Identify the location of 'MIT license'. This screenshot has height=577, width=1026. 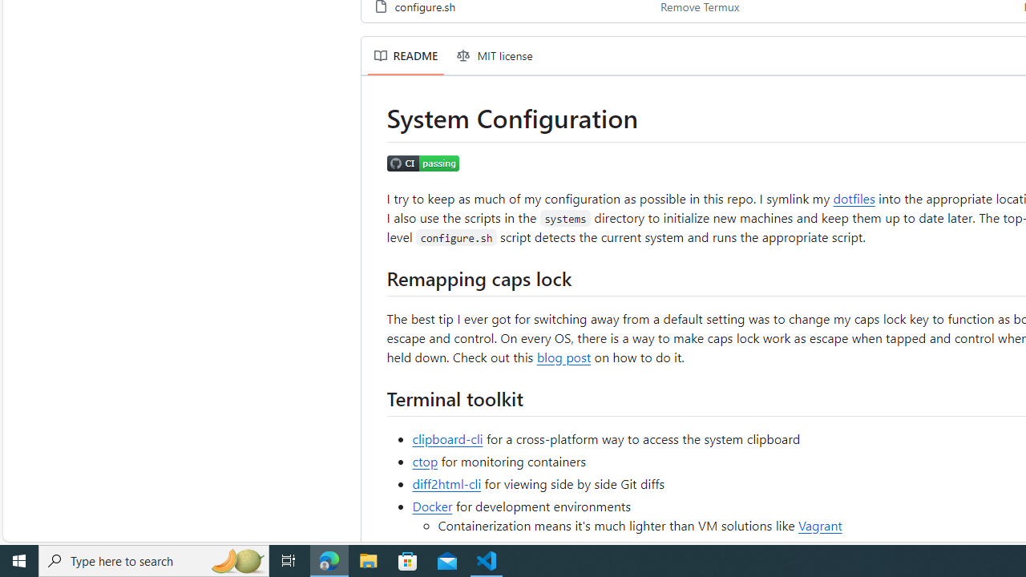
(495, 54).